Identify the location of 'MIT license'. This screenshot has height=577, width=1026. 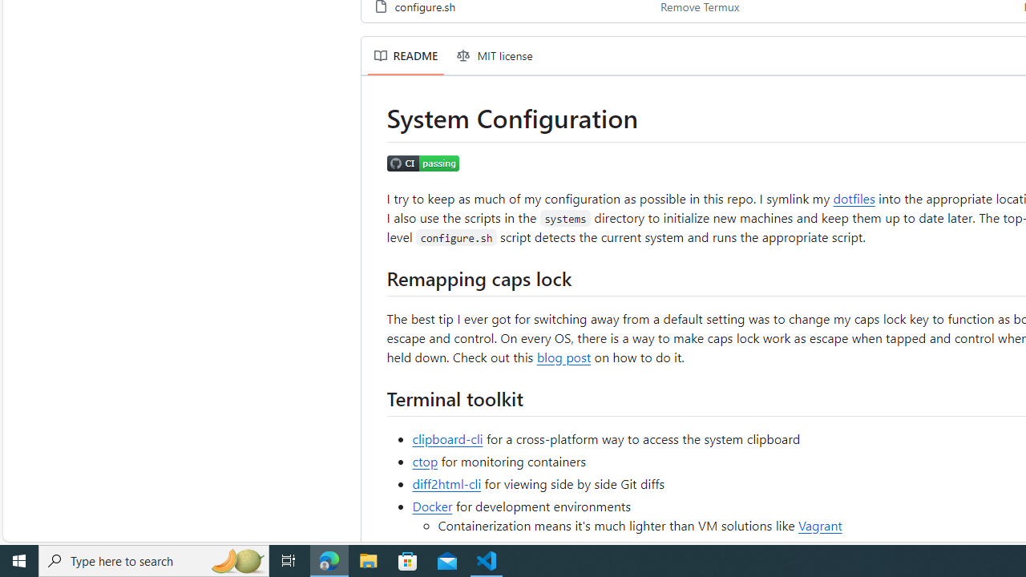
(495, 54).